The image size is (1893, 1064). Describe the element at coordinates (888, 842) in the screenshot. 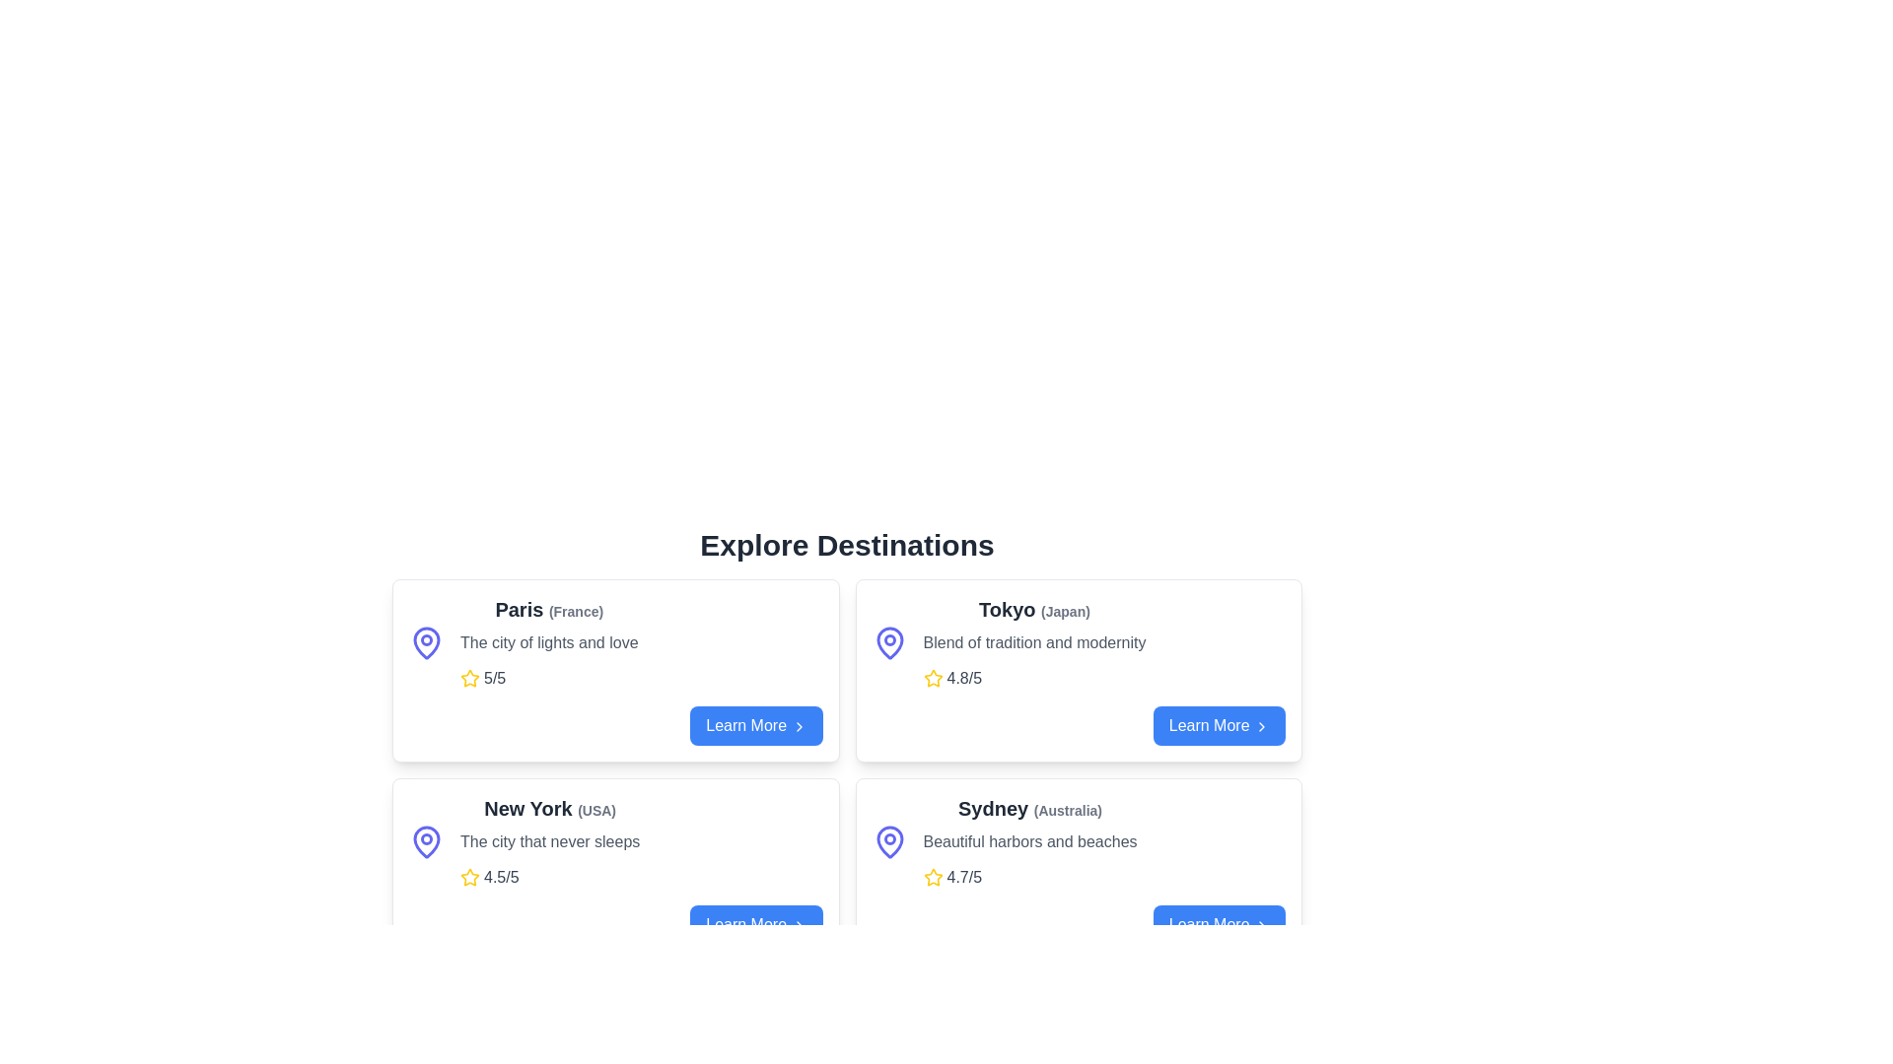

I see `the SVG map pin icon located in the bottom-right section of the 'Sydney (Australia)' card, which features an indigo color and a circular center` at that location.